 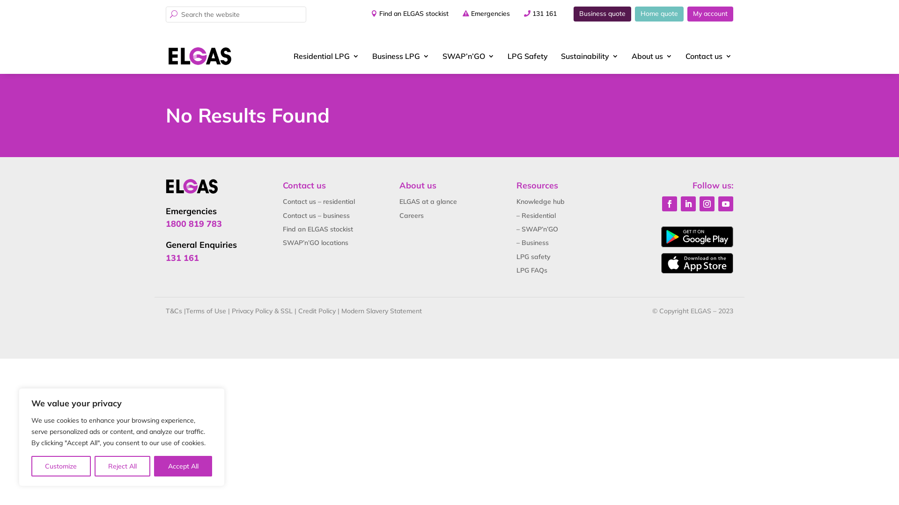 I want to click on 'Sustainability', so click(x=589, y=56).